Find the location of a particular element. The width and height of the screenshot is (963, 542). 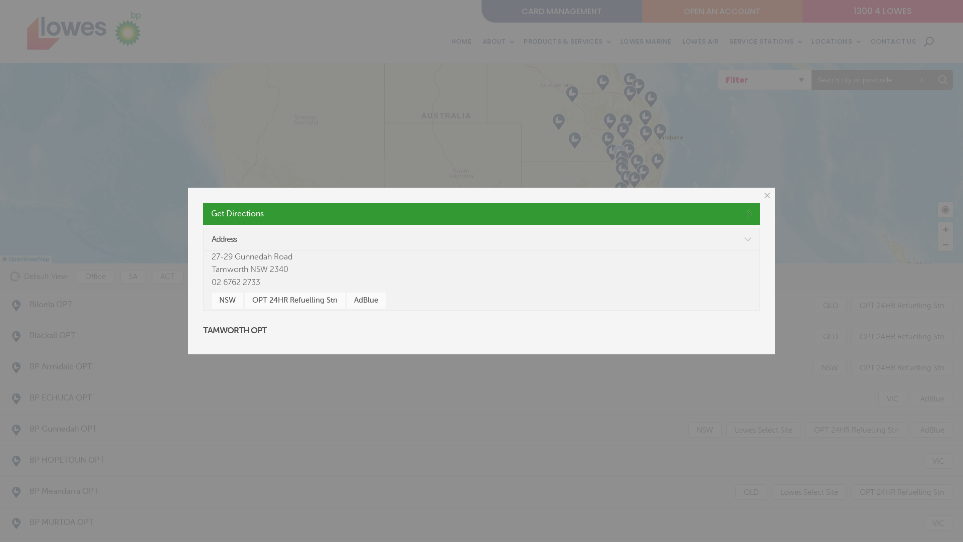

'QLD' is located at coordinates (831, 305).